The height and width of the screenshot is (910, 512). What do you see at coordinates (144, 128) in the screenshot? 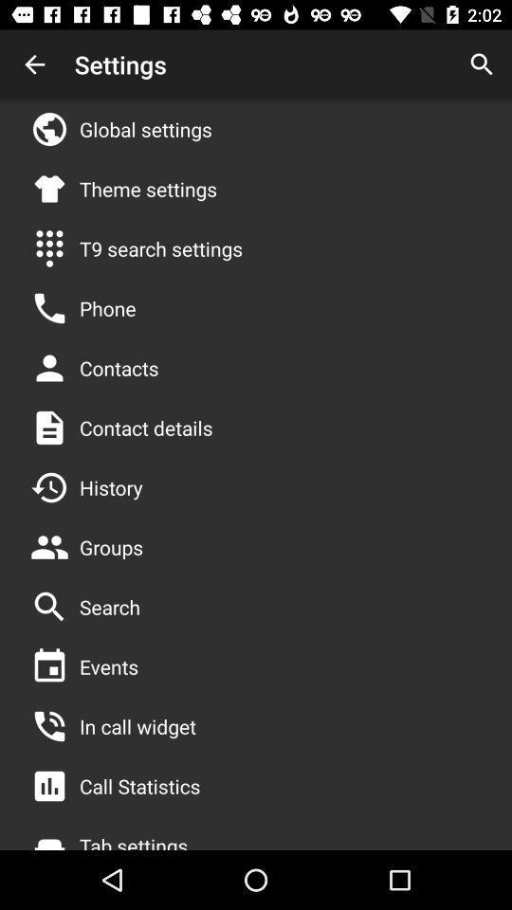
I see `global settings item` at bounding box center [144, 128].